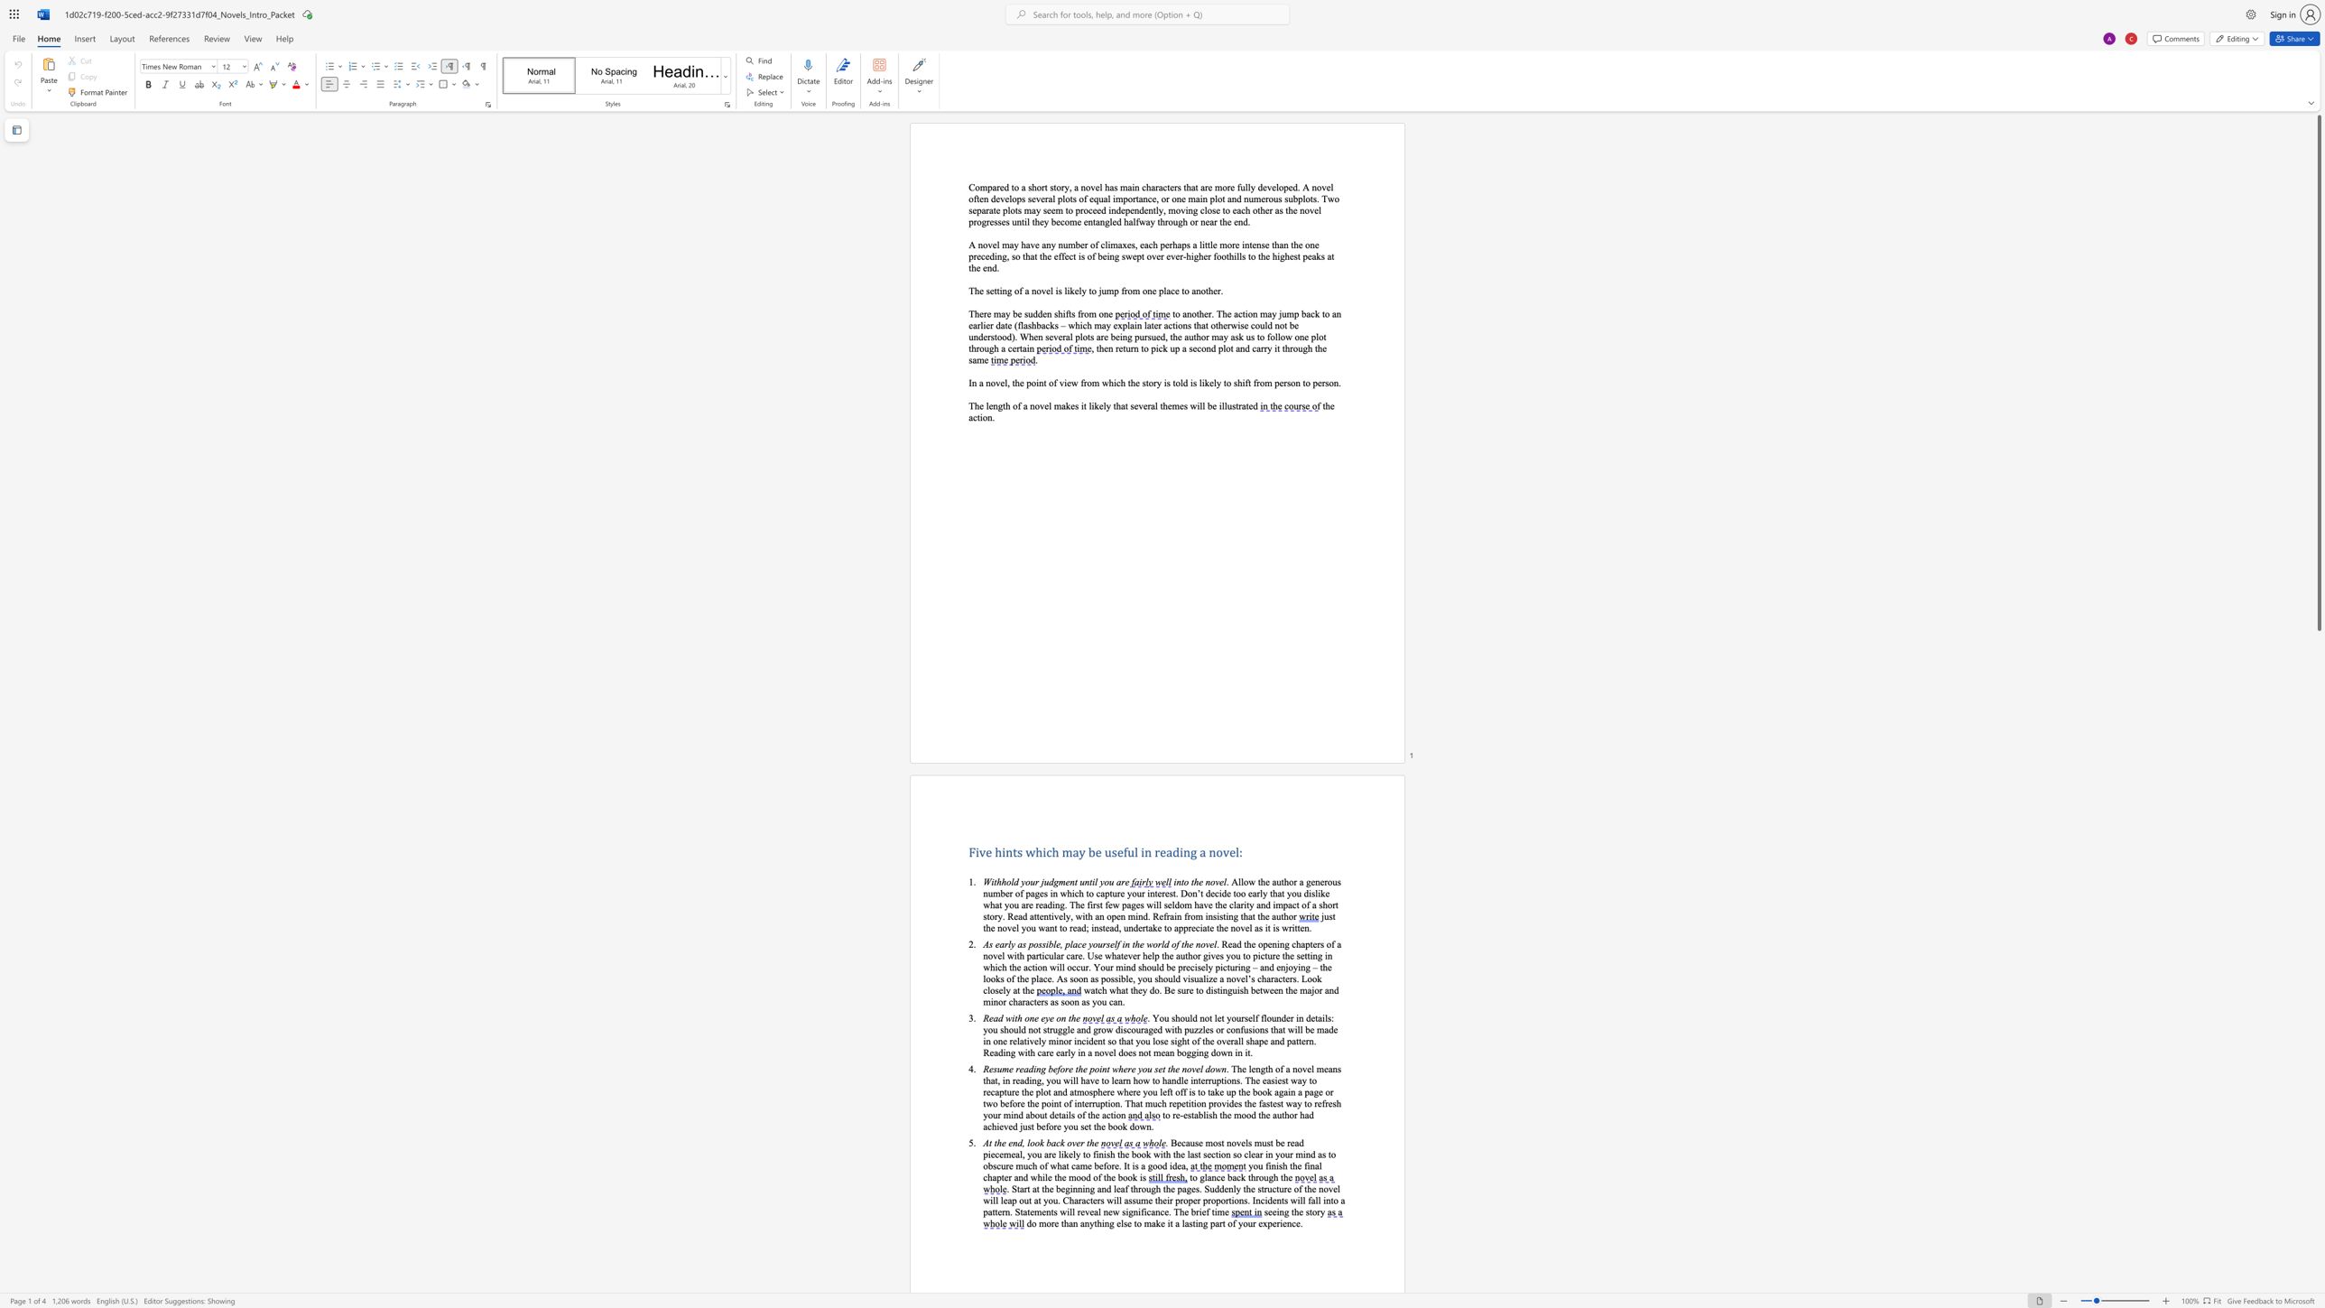  What do you see at coordinates (1243, 1200) in the screenshot?
I see `the space between the continuous character "n" and "s" in the text` at bounding box center [1243, 1200].